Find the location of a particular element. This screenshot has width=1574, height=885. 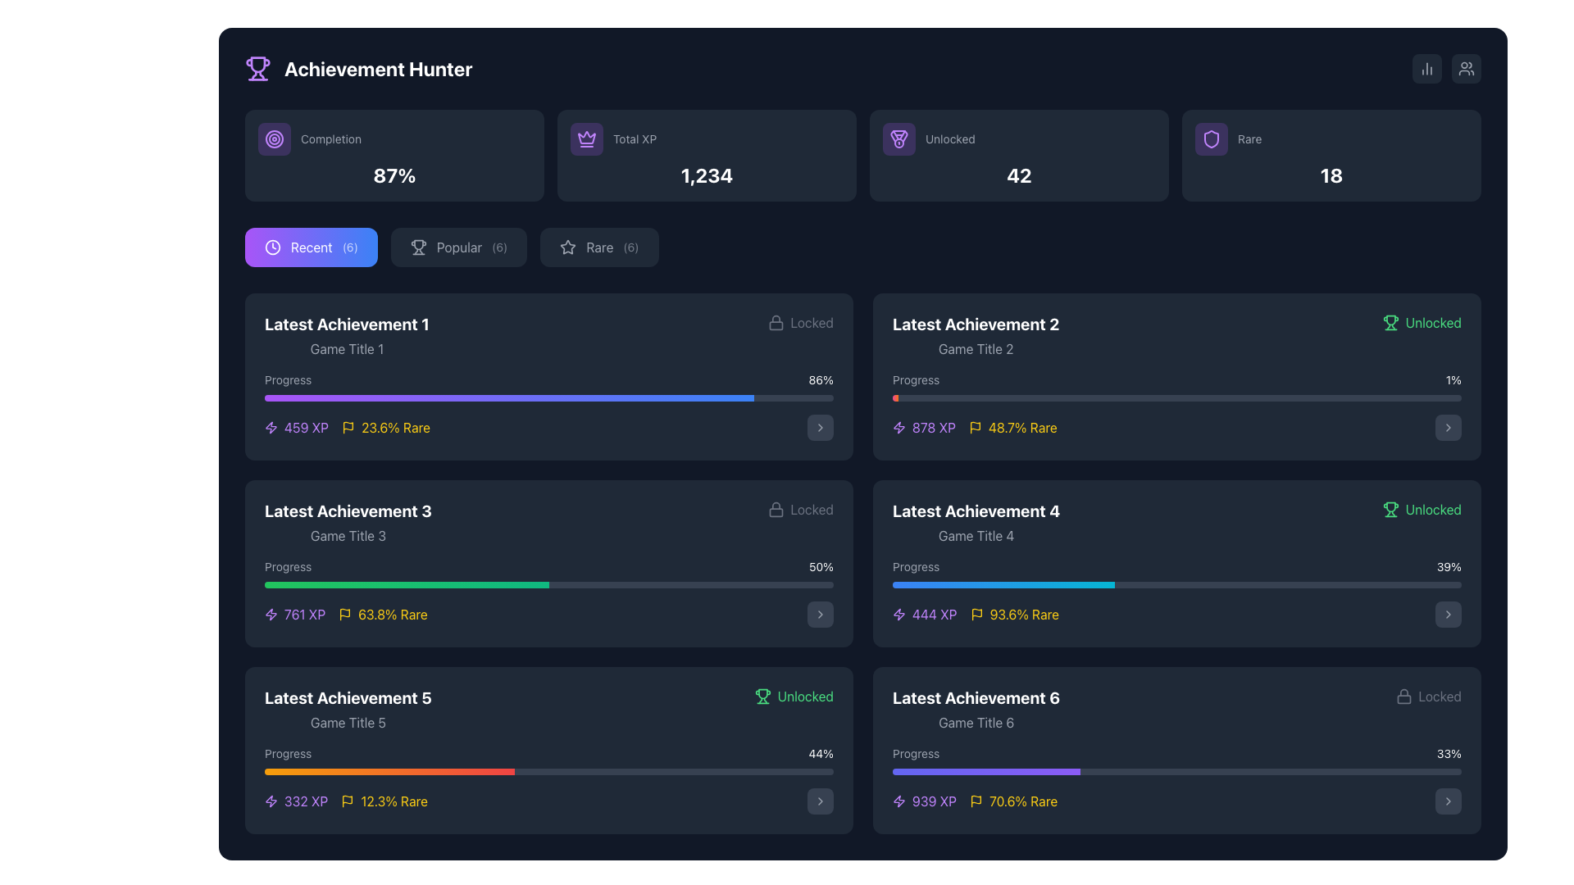

the largest circular vector graphic (SVG circle) that represents the 'Completion' metric within the first card displaying 'Completion' statistics in the top-left section of the UI is located at coordinates (275, 138).